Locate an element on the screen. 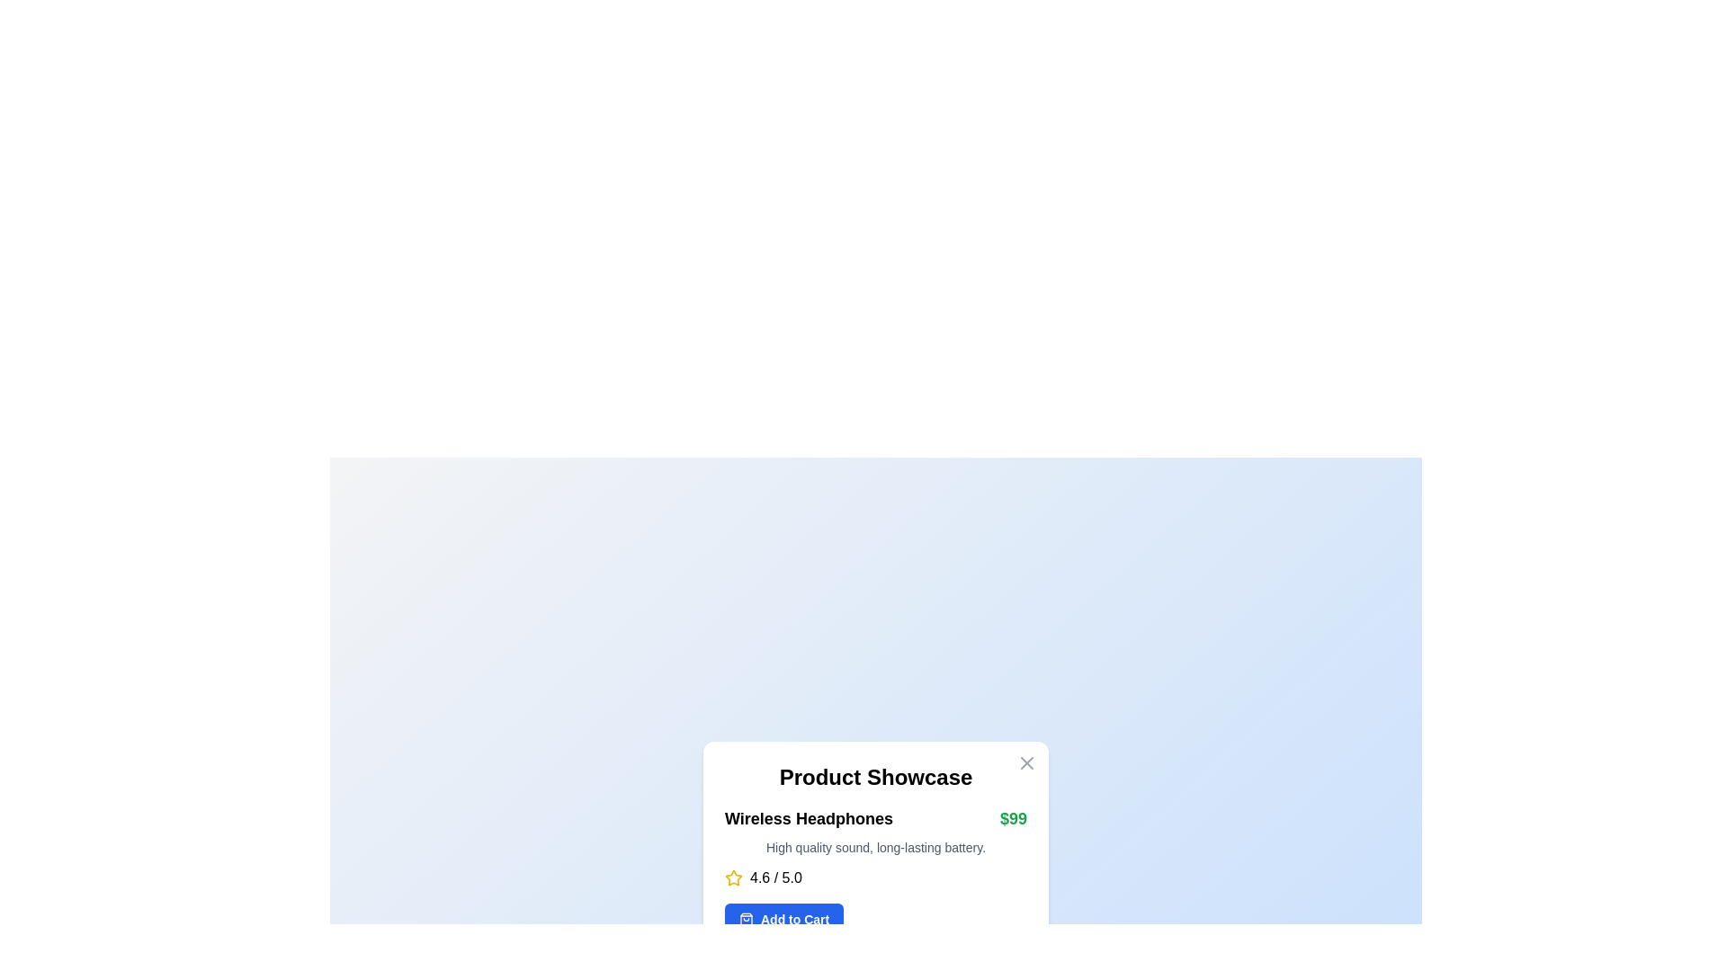 The image size is (1727, 971). star icon with a yellow outline and hollow interior, located at the beginning of the rating score segment under the product price and name is located at coordinates (734, 877).